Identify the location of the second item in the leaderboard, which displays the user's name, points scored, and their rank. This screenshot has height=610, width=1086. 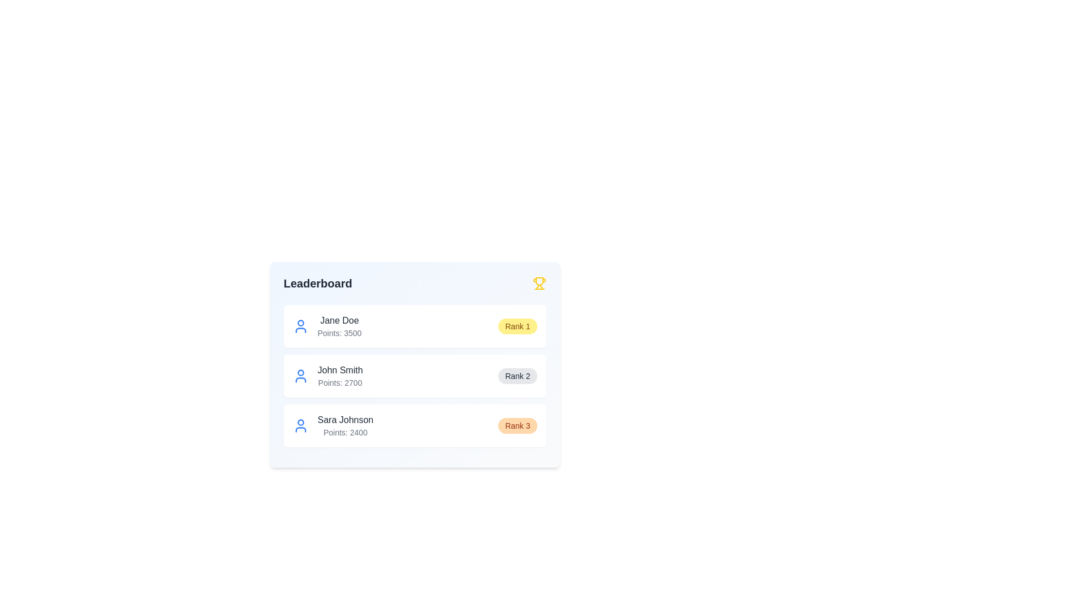
(414, 376).